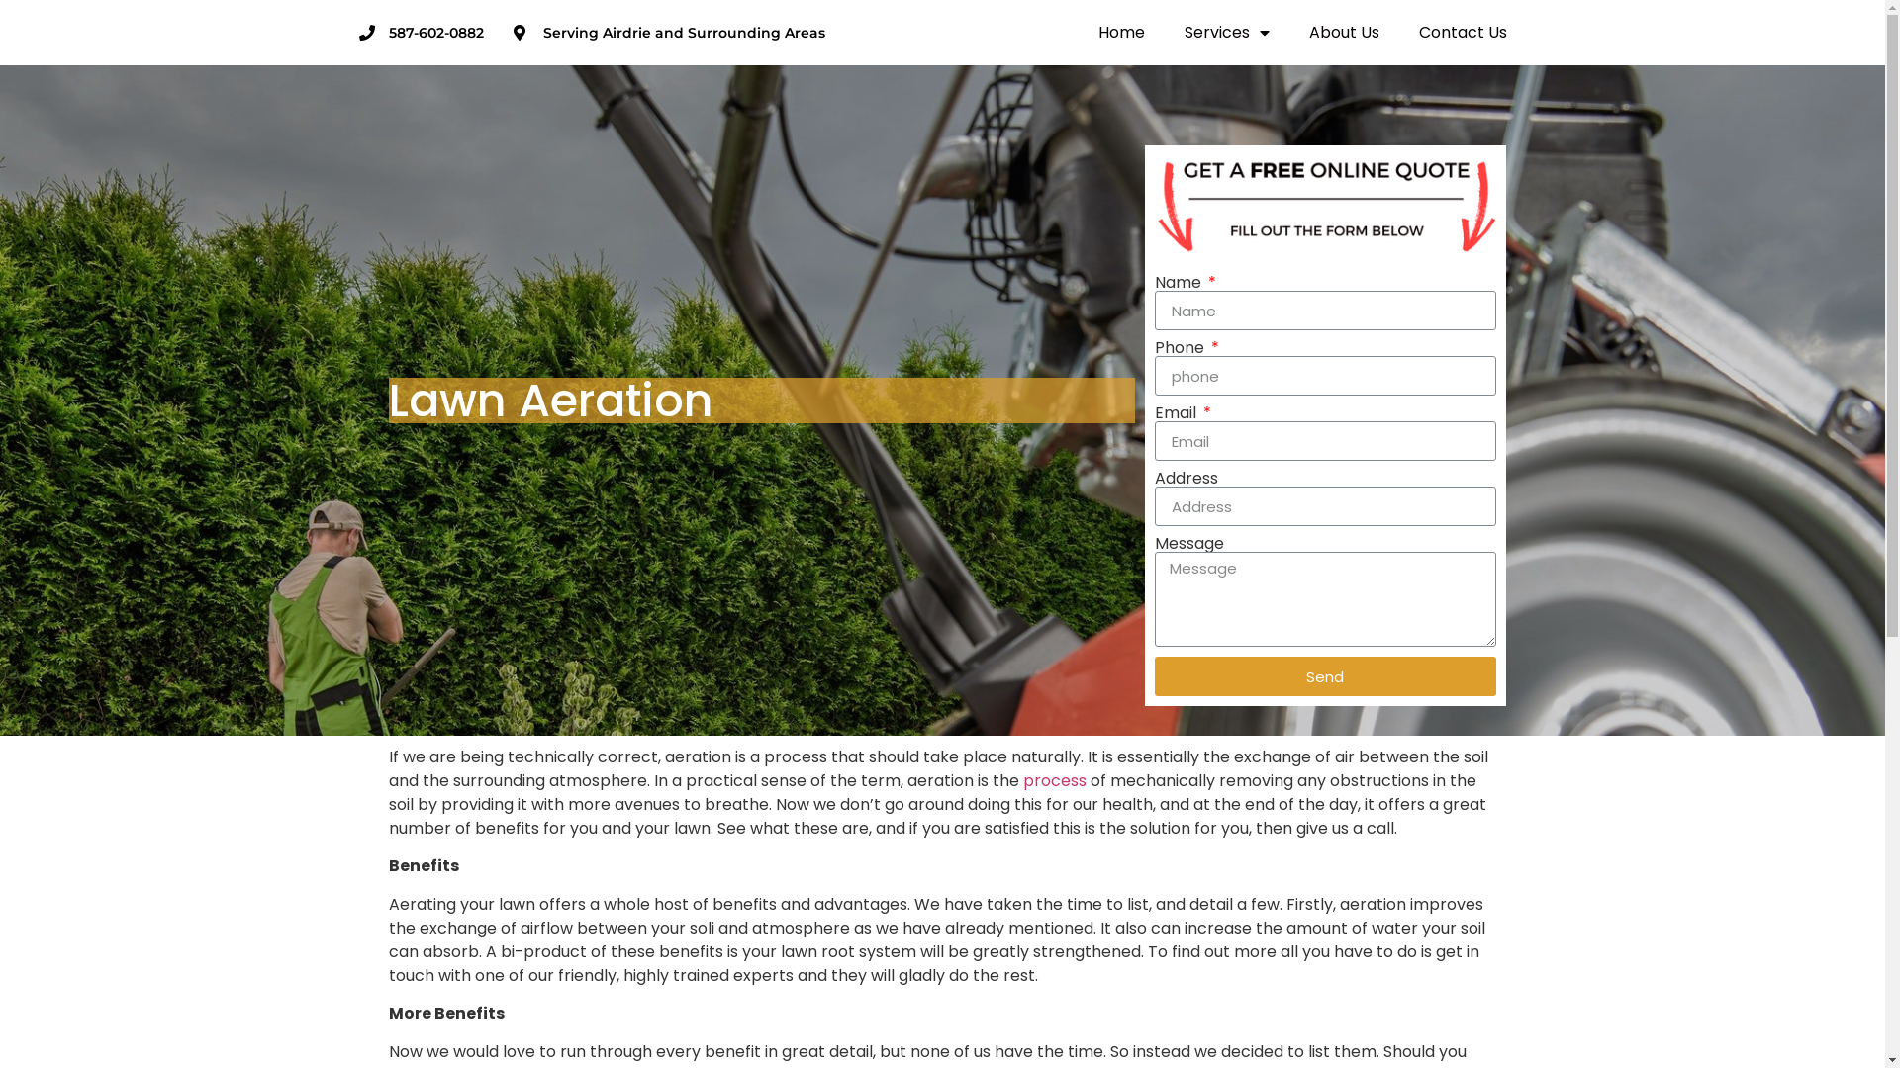 The image size is (1900, 1068). I want to click on 'Contact Us', so click(1463, 33).